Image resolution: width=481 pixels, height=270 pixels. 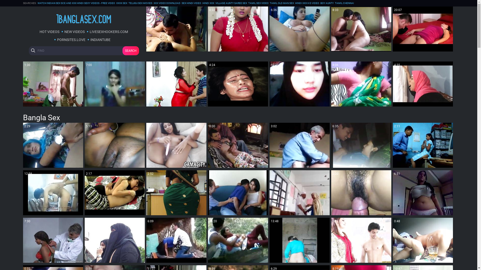 I want to click on '10:31', so click(x=299, y=83).